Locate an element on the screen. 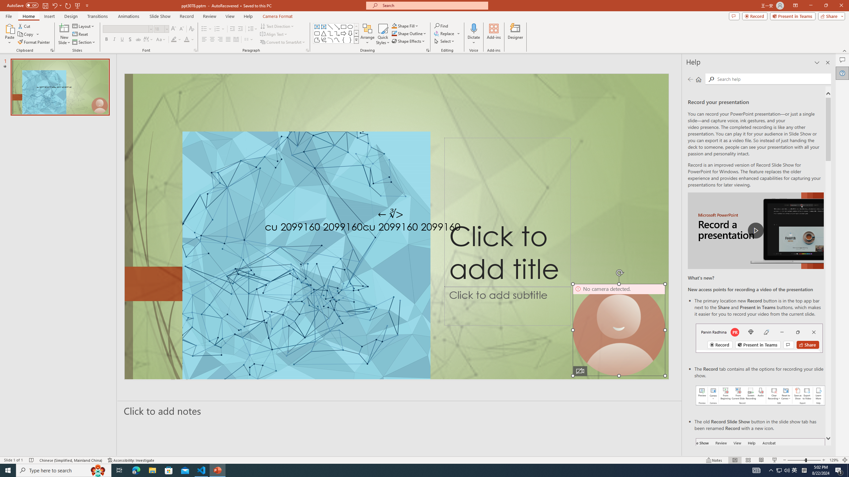 The image size is (849, 477). 'Office Clipboard...' is located at coordinates (51, 50).